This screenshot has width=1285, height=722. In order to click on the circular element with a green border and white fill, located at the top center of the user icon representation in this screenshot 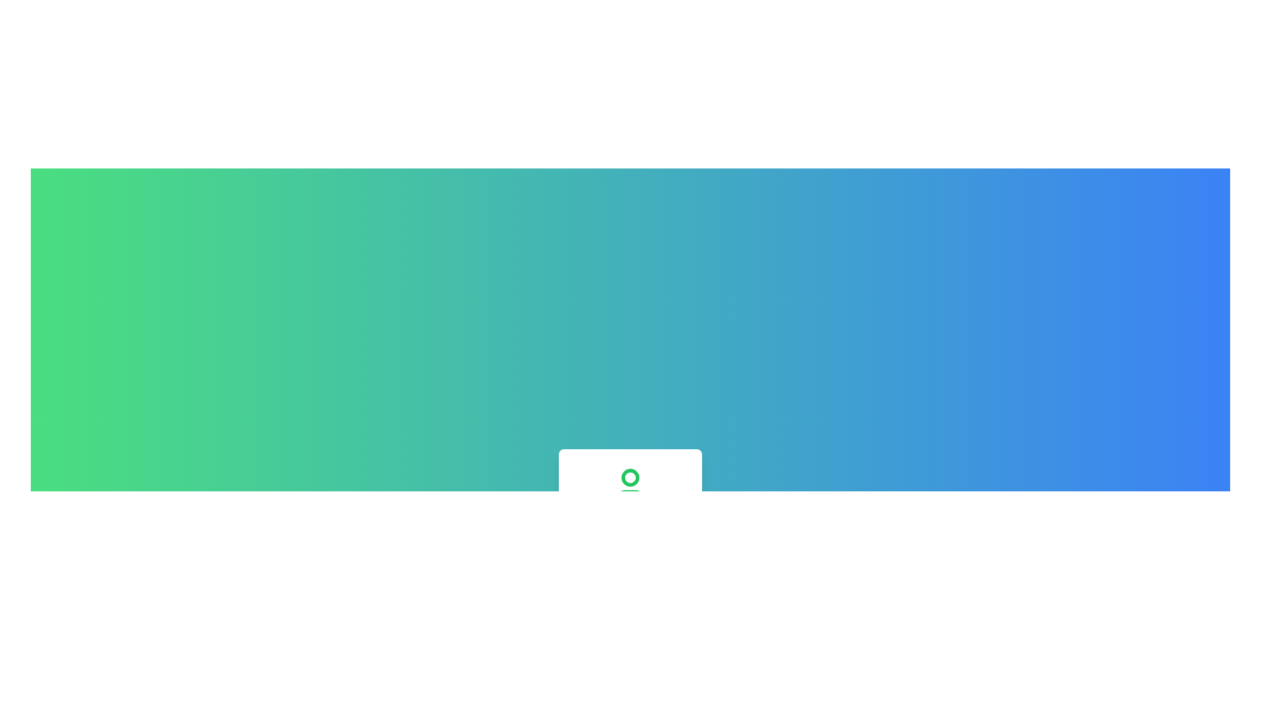, I will do `click(629, 477)`.